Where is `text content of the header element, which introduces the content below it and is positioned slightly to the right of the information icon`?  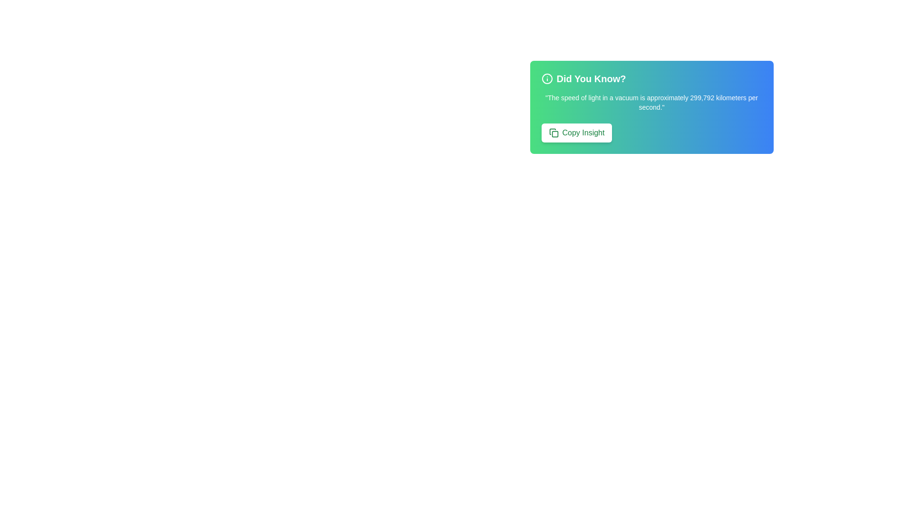 text content of the header element, which introduces the content below it and is positioned slightly to the right of the information icon is located at coordinates (591, 78).